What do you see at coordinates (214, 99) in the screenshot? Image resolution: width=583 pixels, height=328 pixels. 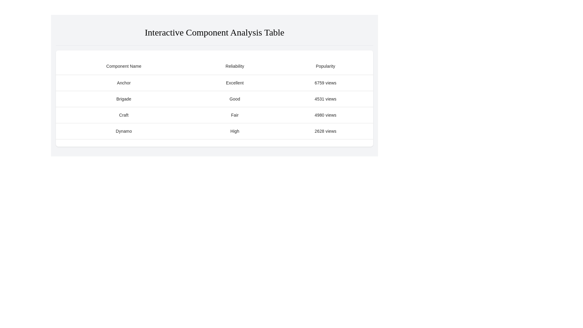 I see `the second row of the table that contains 'Brigade', 'Good', and '4531 views'` at bounding box center [214, 99].